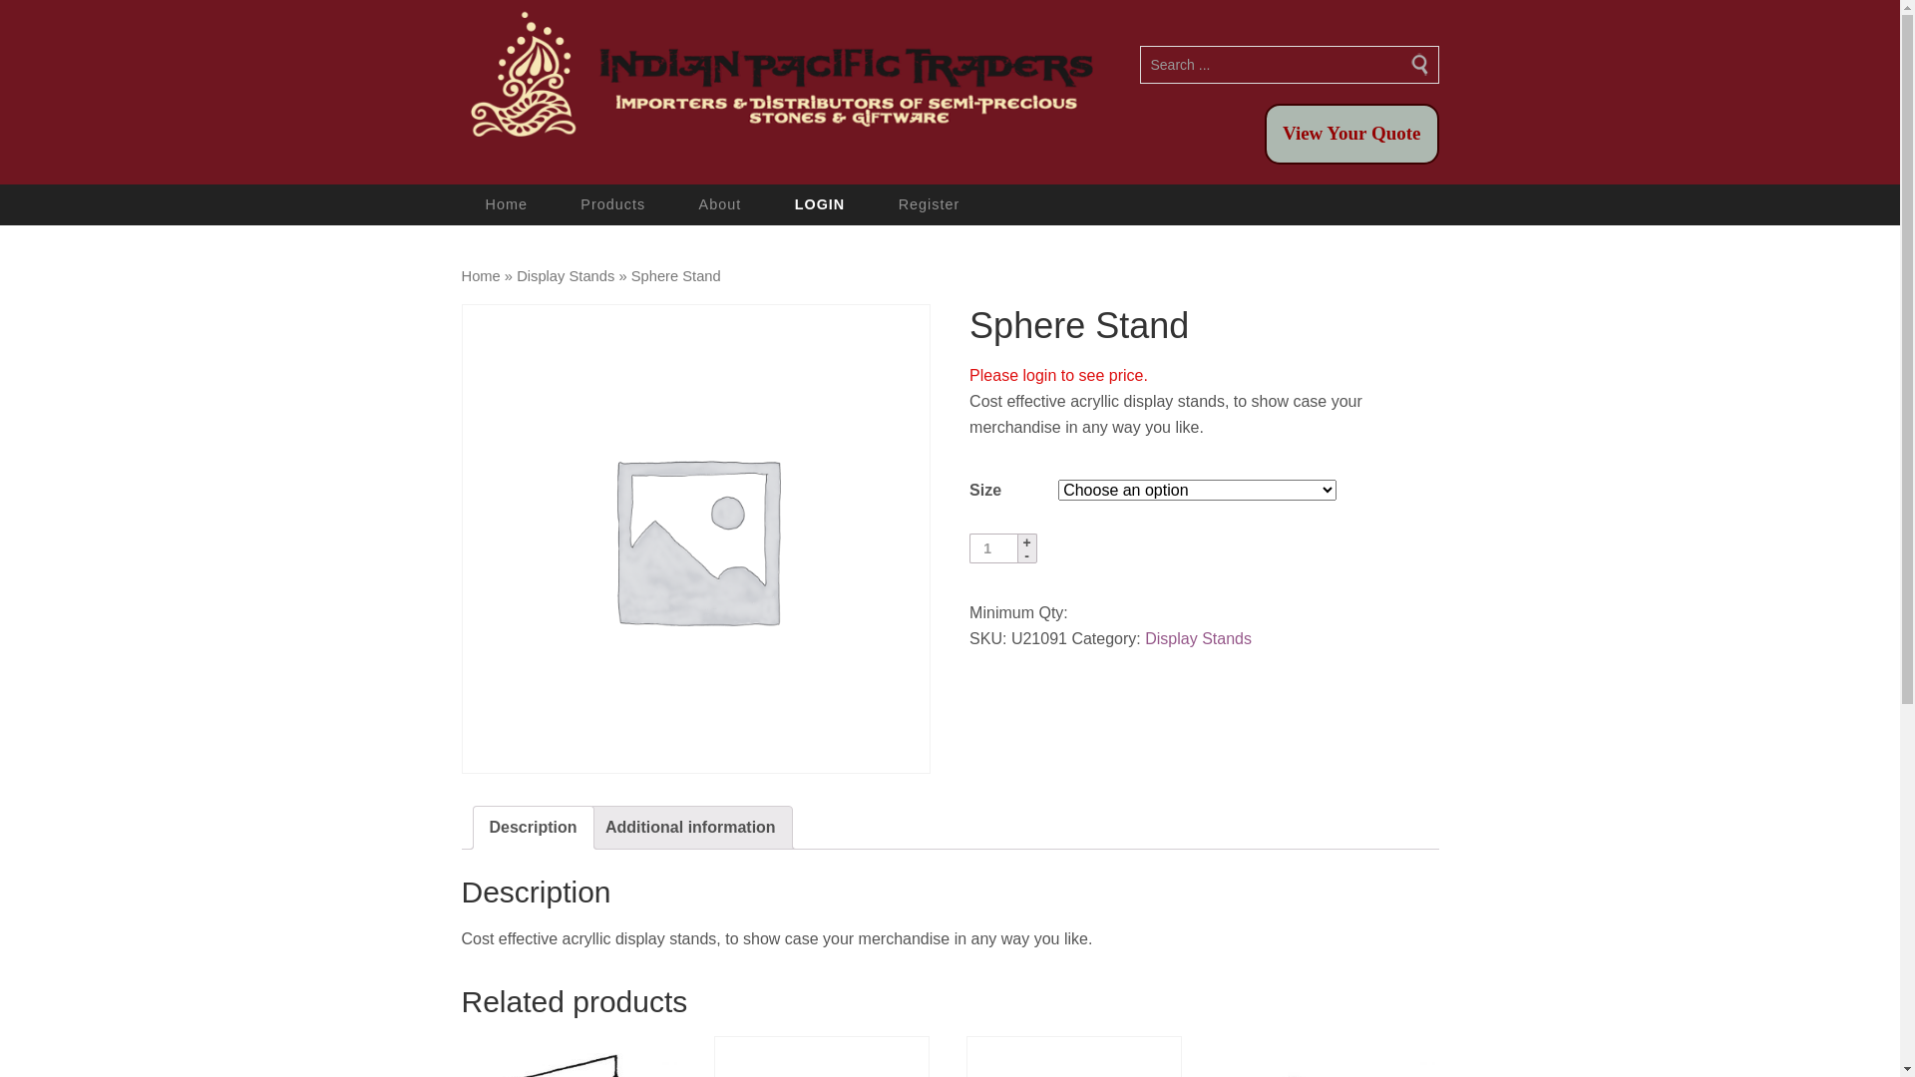  I want to click on 'Additional information', so click(690, 827).